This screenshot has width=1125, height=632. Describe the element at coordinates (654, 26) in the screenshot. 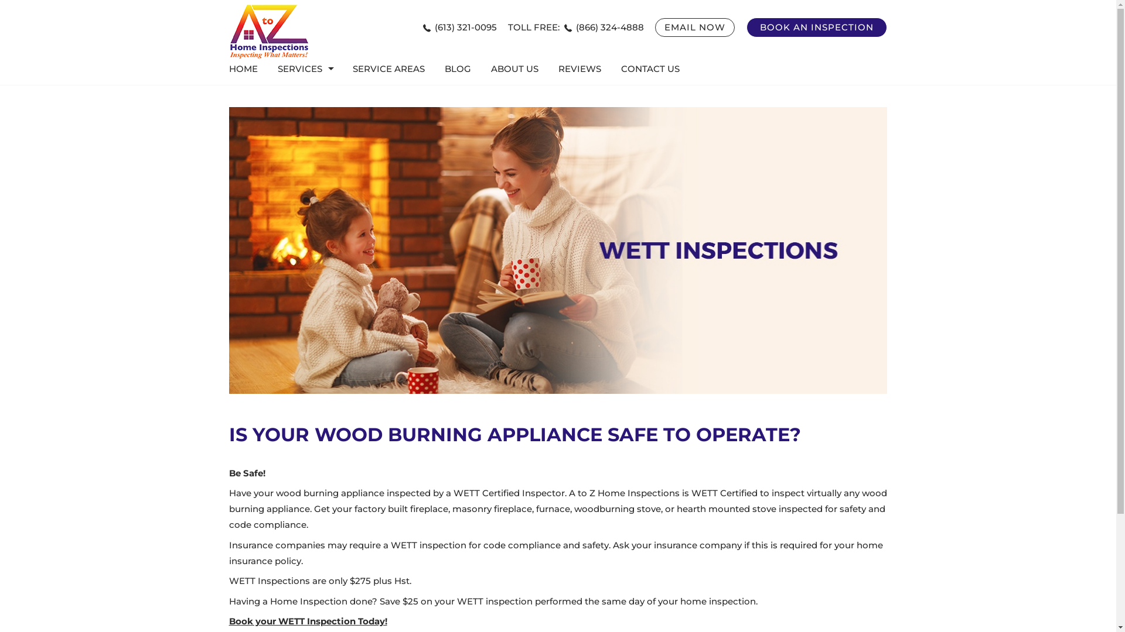

I see `'EMAIL NOW'` at that location.